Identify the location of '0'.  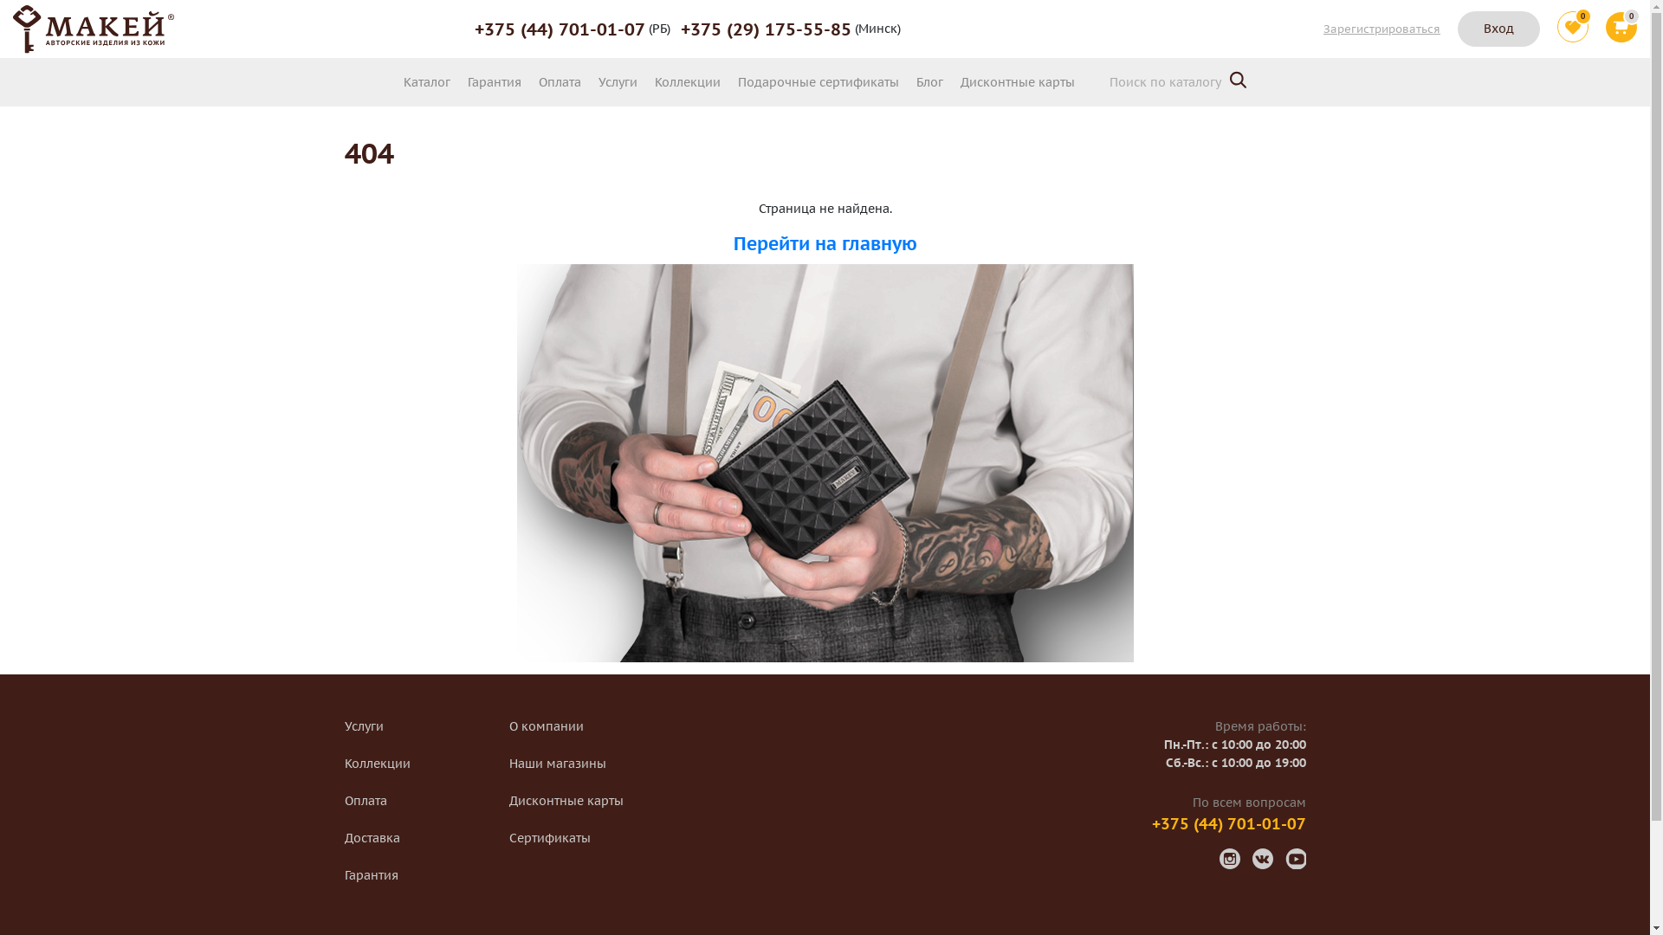
(1572, 29).